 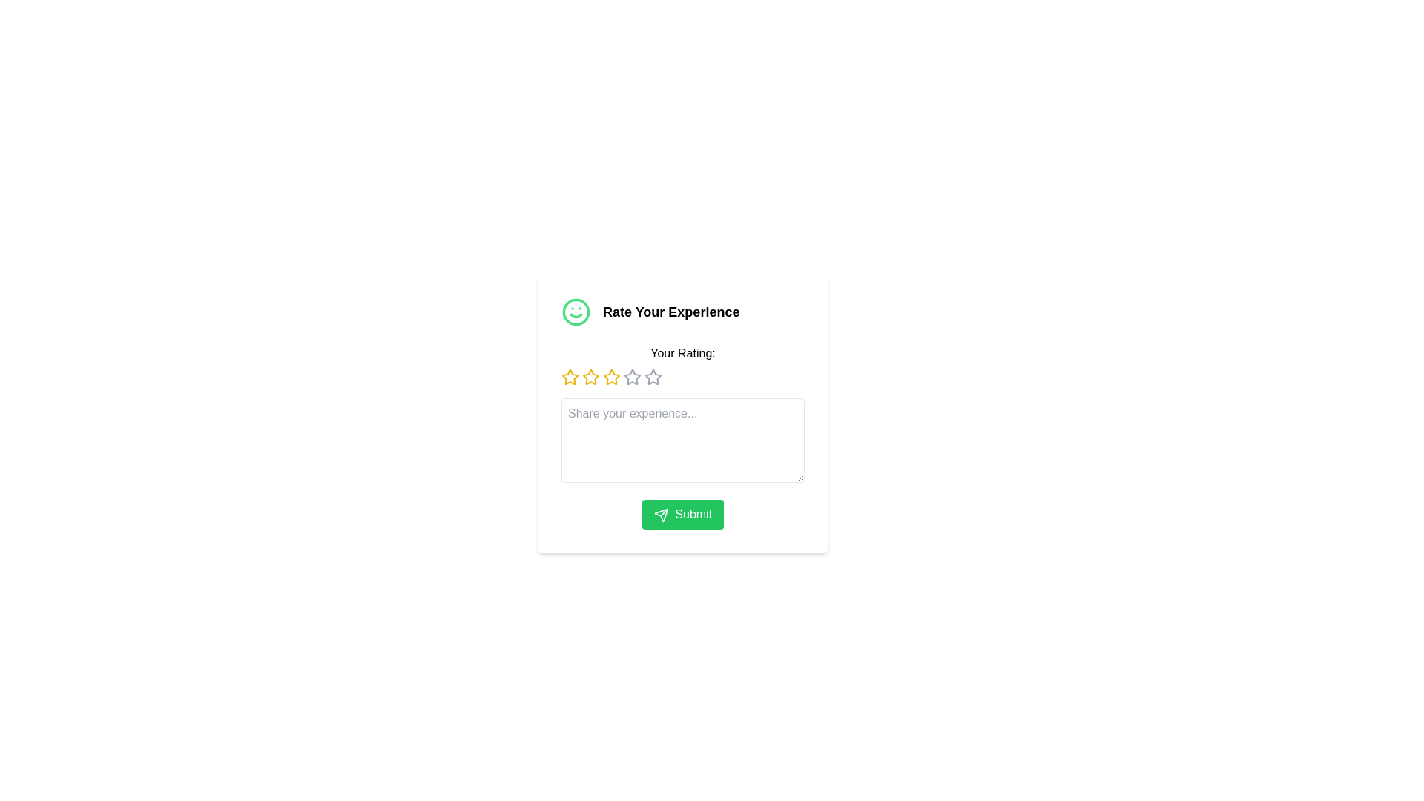 What do you see at coordinates (660, 514) in the screenshot?
I see `the green triangular 'Send' icon within the 'Submit' button located at the bottom center of the interface` at bounding box center [660, 514].